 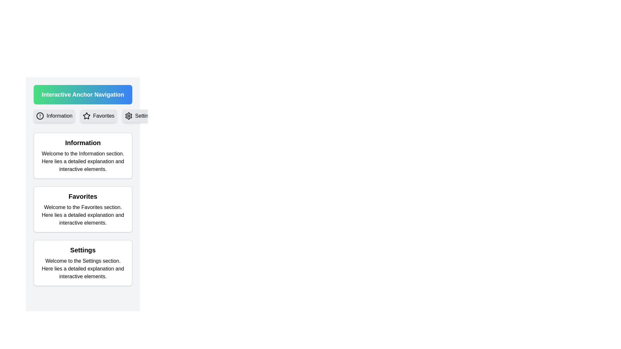 I want to click on text block that says 'Welcome to the Settings section. Here lies a detailed explanation and interactive elements.' which is centered below the 'Settings' header, so click(x=82, y=269).